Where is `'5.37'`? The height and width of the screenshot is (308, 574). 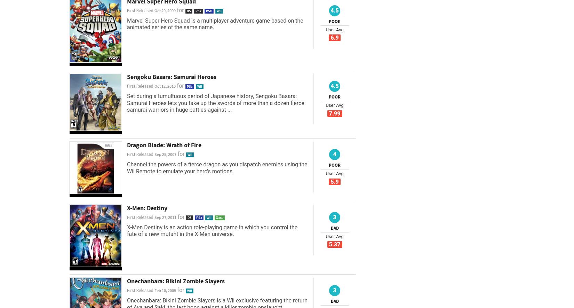
'5.37' is located at coordinates (334, 244).